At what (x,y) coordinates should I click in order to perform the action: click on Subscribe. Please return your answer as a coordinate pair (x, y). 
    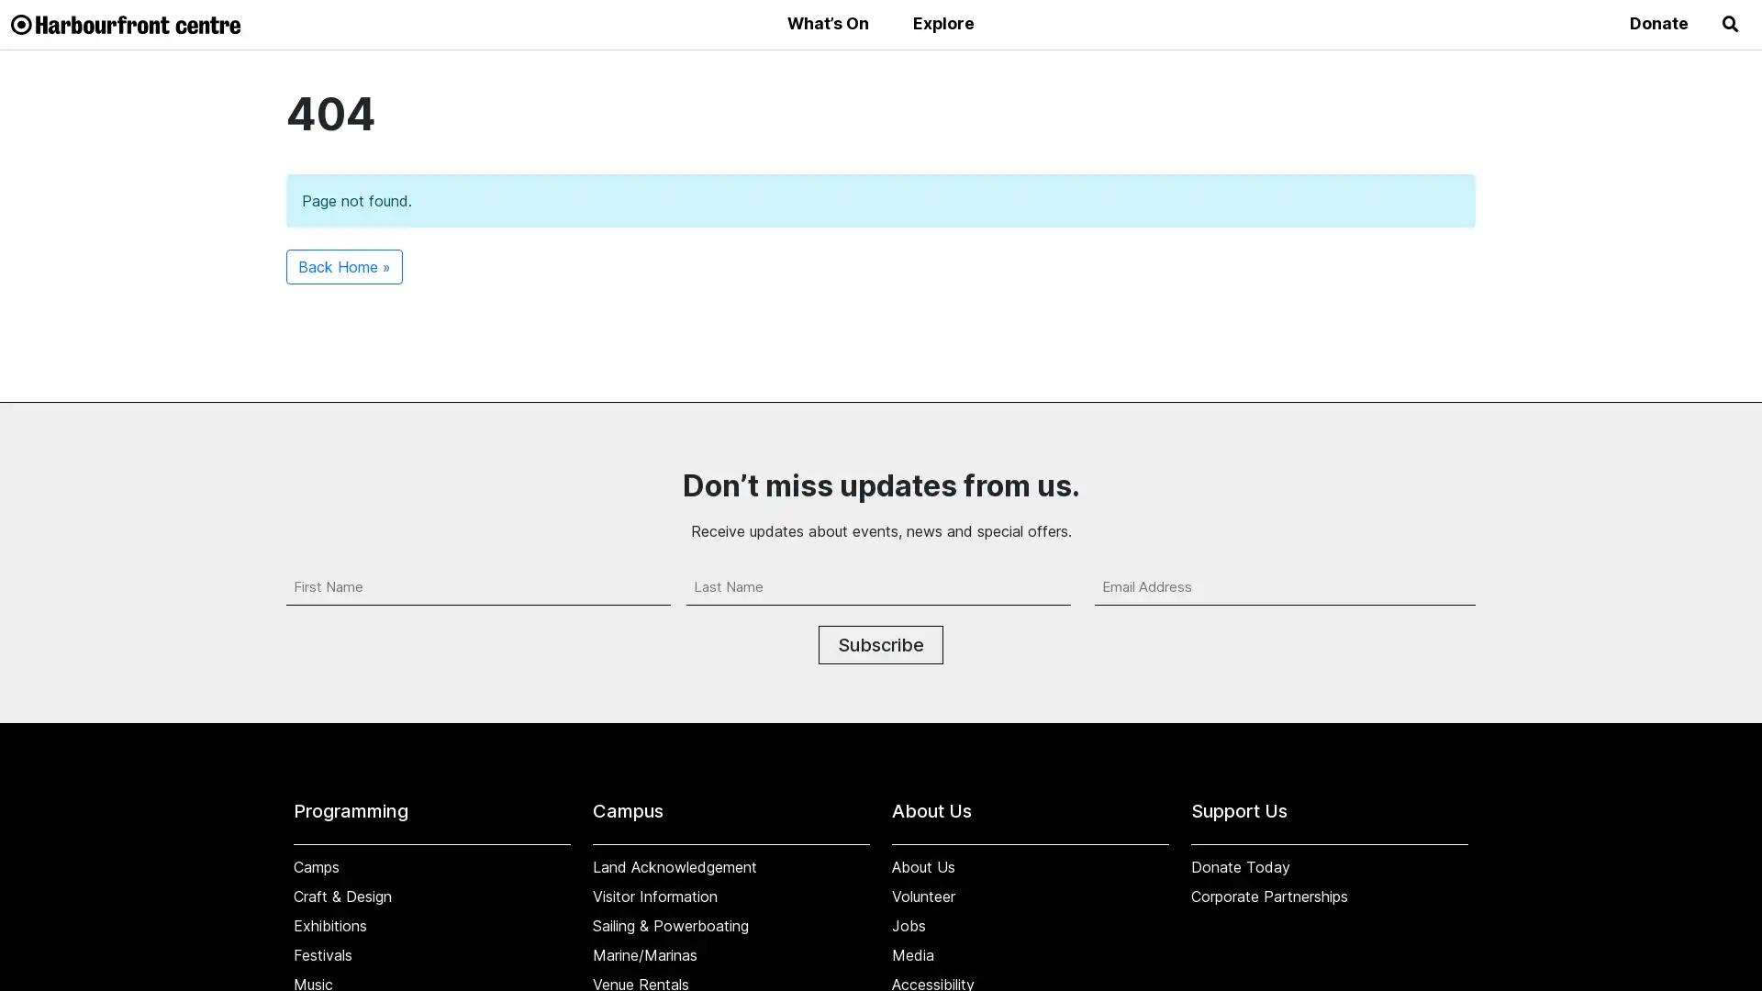
    Looking at the image, I should click on (881, 643).